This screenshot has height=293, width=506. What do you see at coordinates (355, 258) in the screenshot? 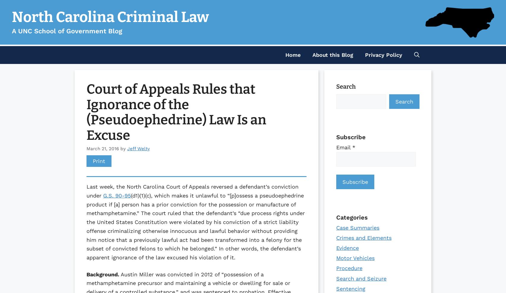
I see `'Motor Vehicles'` at bounding box center [355, 258].